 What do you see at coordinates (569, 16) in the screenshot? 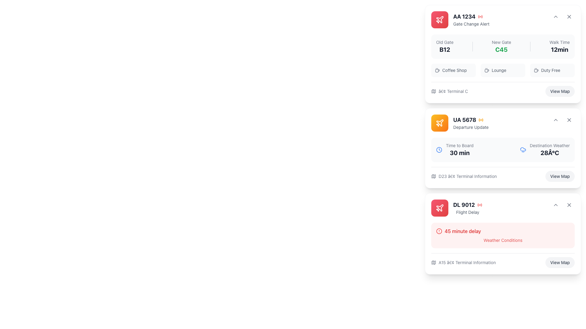
I see `the 'X' mark button at the top-right corner of the flight information card for 'AA 1234 Gate Change Alert'` at bounding box center [569, 16].